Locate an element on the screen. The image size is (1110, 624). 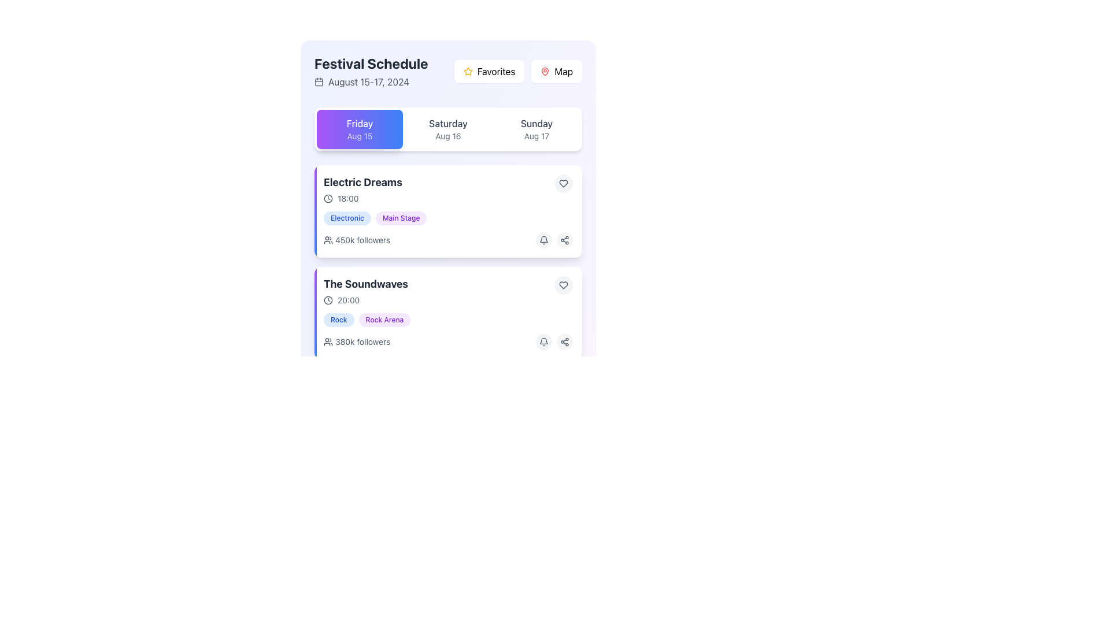
the button labeled 'Sunday' with the date 'Aug 17' is located at coordinates (536, 129).